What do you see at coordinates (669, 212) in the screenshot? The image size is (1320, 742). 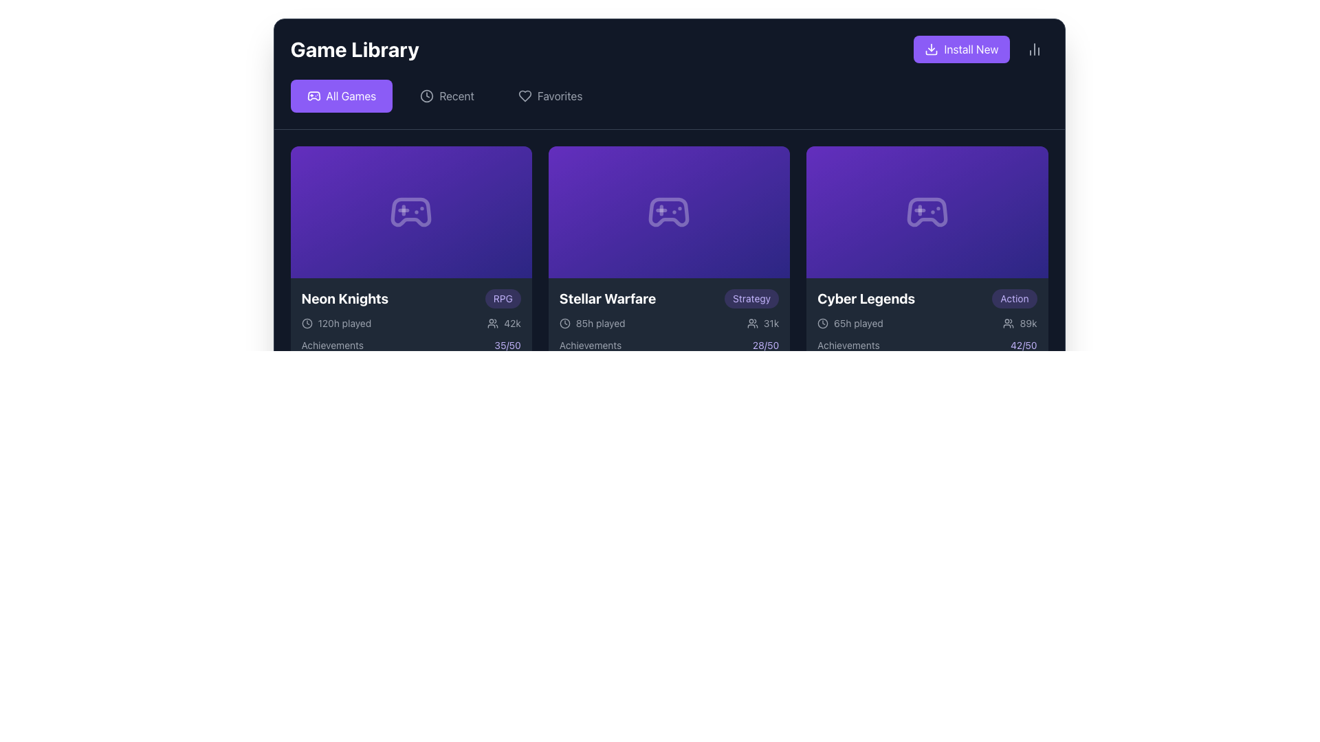 I see `the gamepad icon representing the game 'Stellar Warfare', which is purple with lighter details and located in the middle card of the second row in the grid layout` at bounding box center [669, 212].